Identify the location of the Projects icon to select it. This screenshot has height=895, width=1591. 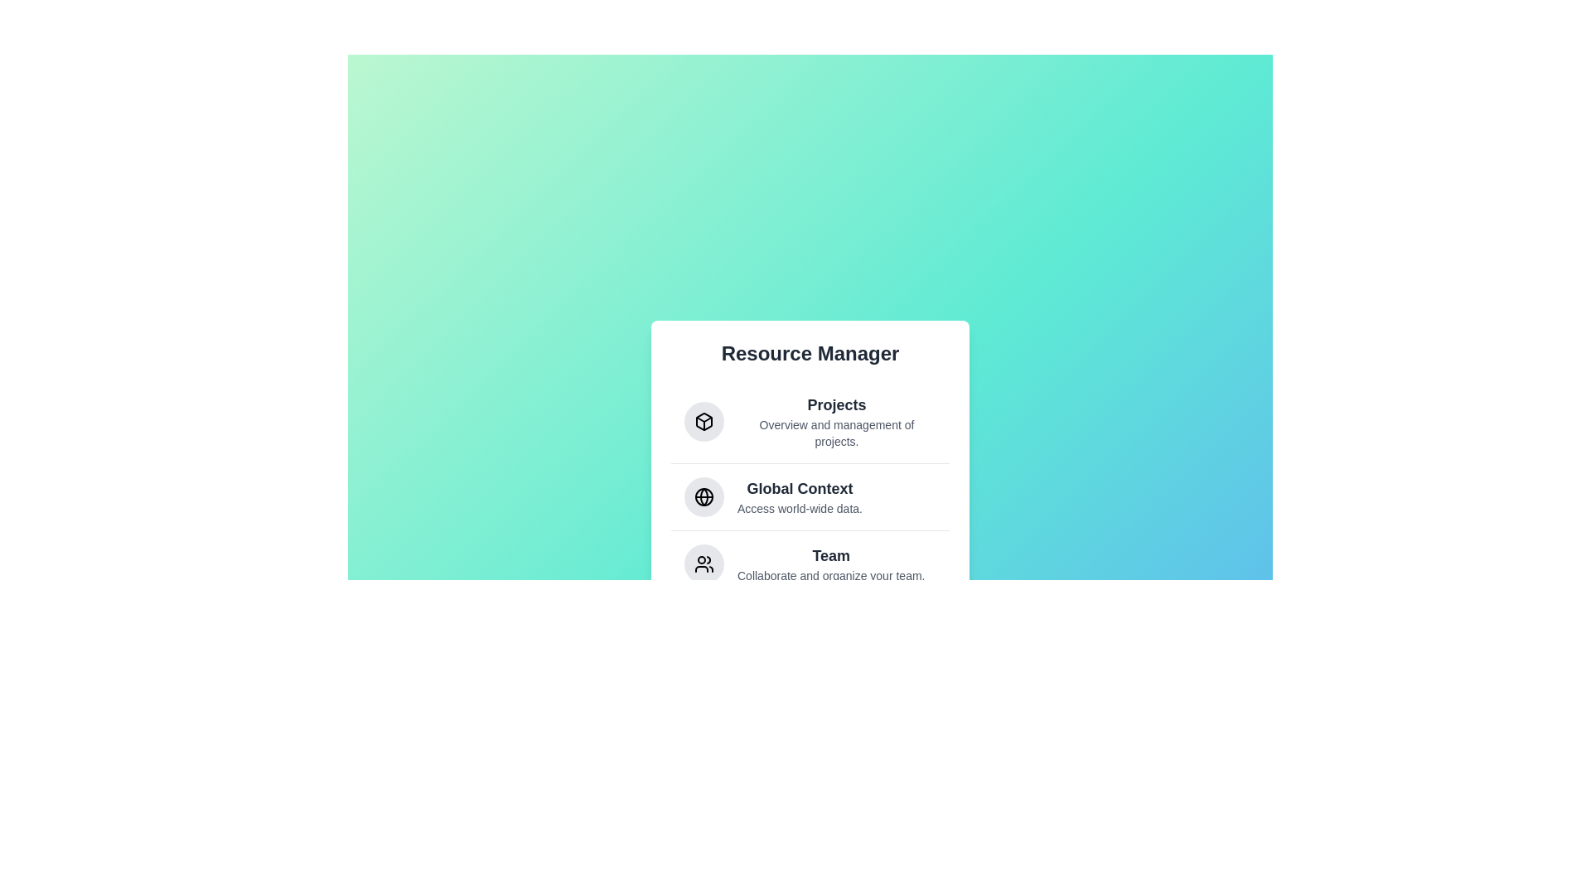
(704, 420).